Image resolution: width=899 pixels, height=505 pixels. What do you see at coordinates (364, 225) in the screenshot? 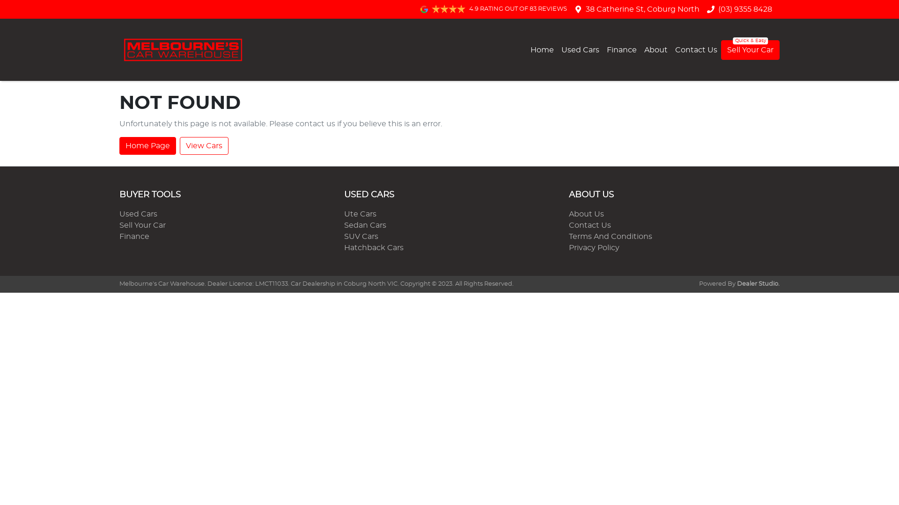
I see `'Sedan Cars'` at bounding box center [364, 225].